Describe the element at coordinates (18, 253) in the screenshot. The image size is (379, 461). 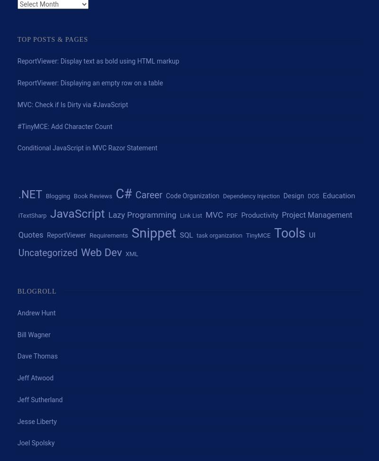
I see `'Uncategorized'` at that location.